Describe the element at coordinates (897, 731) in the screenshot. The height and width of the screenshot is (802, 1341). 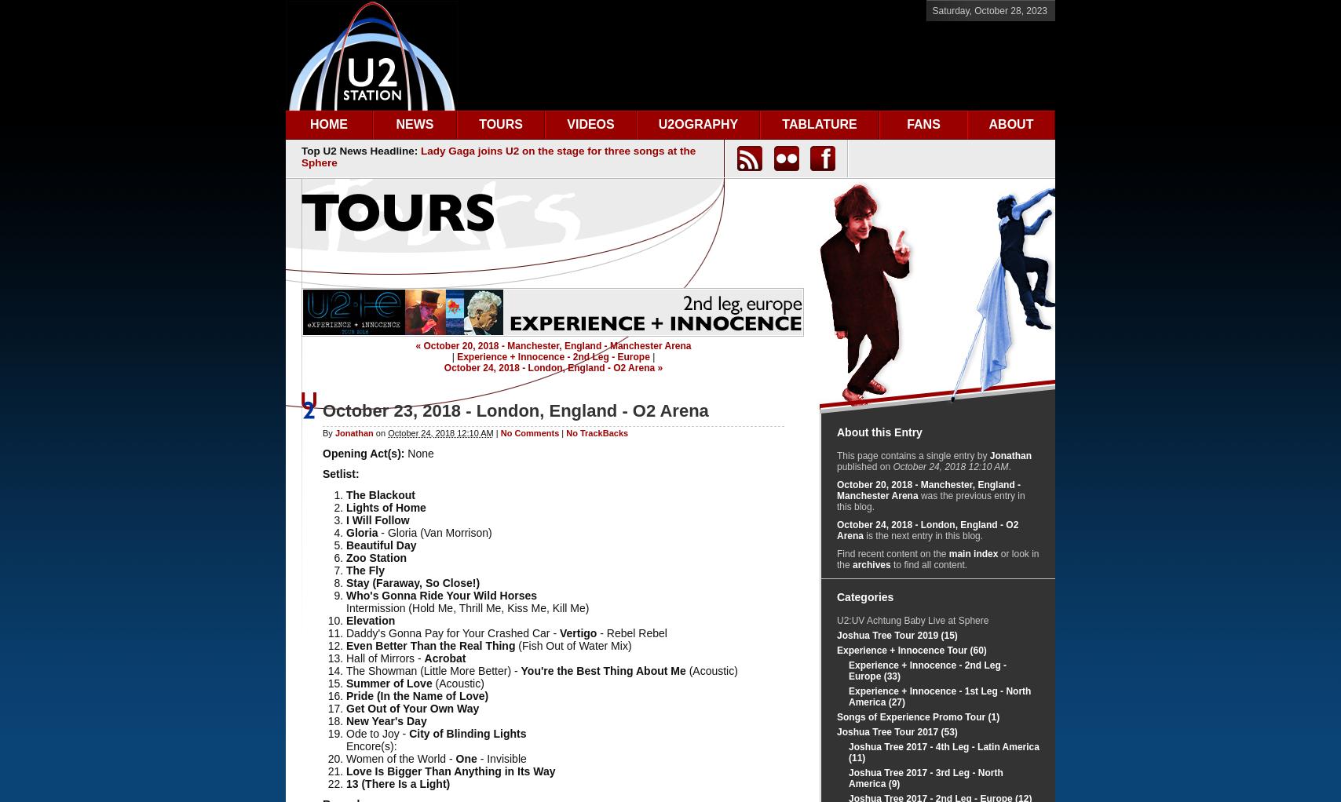
I see `'Joshua Tree Tour 2017 (53)'` at that location.